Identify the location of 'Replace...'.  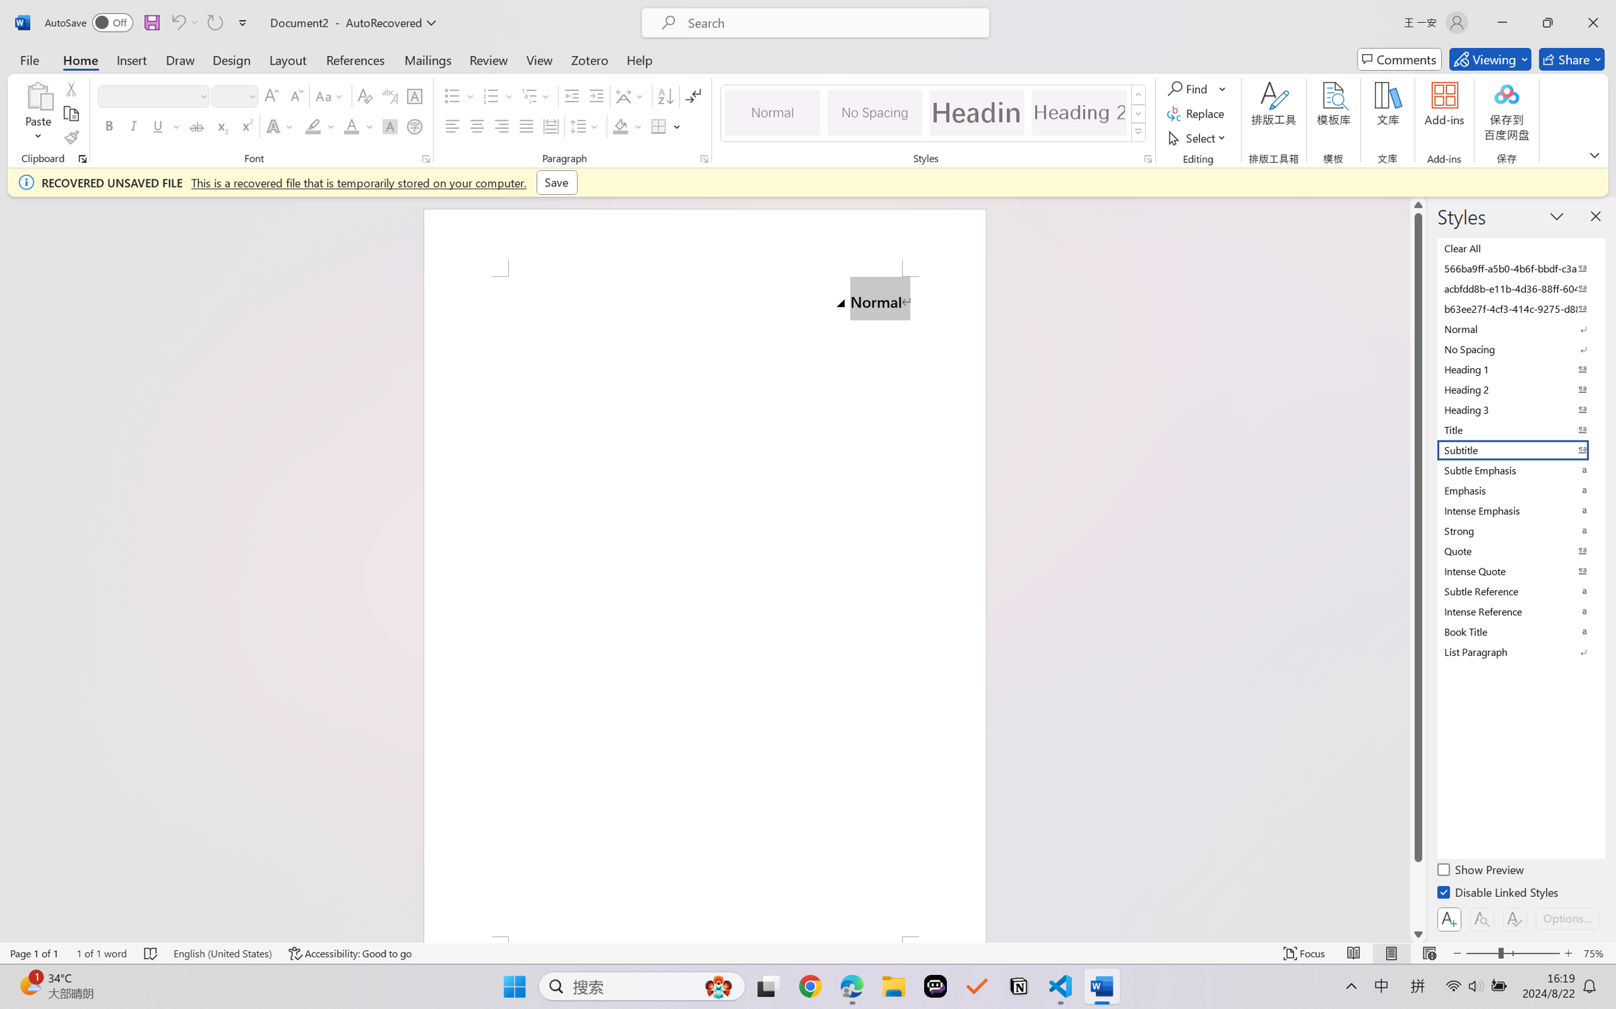
(1196, 113).